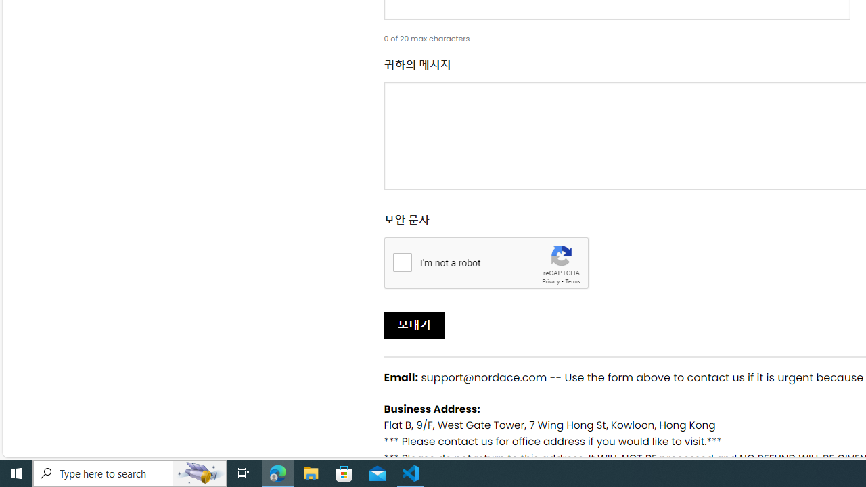 The height and width of the screenshot is (487, 866). Describe the element at coordinates (572, 281) in the screenshot. I see `'Terms'` at that location.